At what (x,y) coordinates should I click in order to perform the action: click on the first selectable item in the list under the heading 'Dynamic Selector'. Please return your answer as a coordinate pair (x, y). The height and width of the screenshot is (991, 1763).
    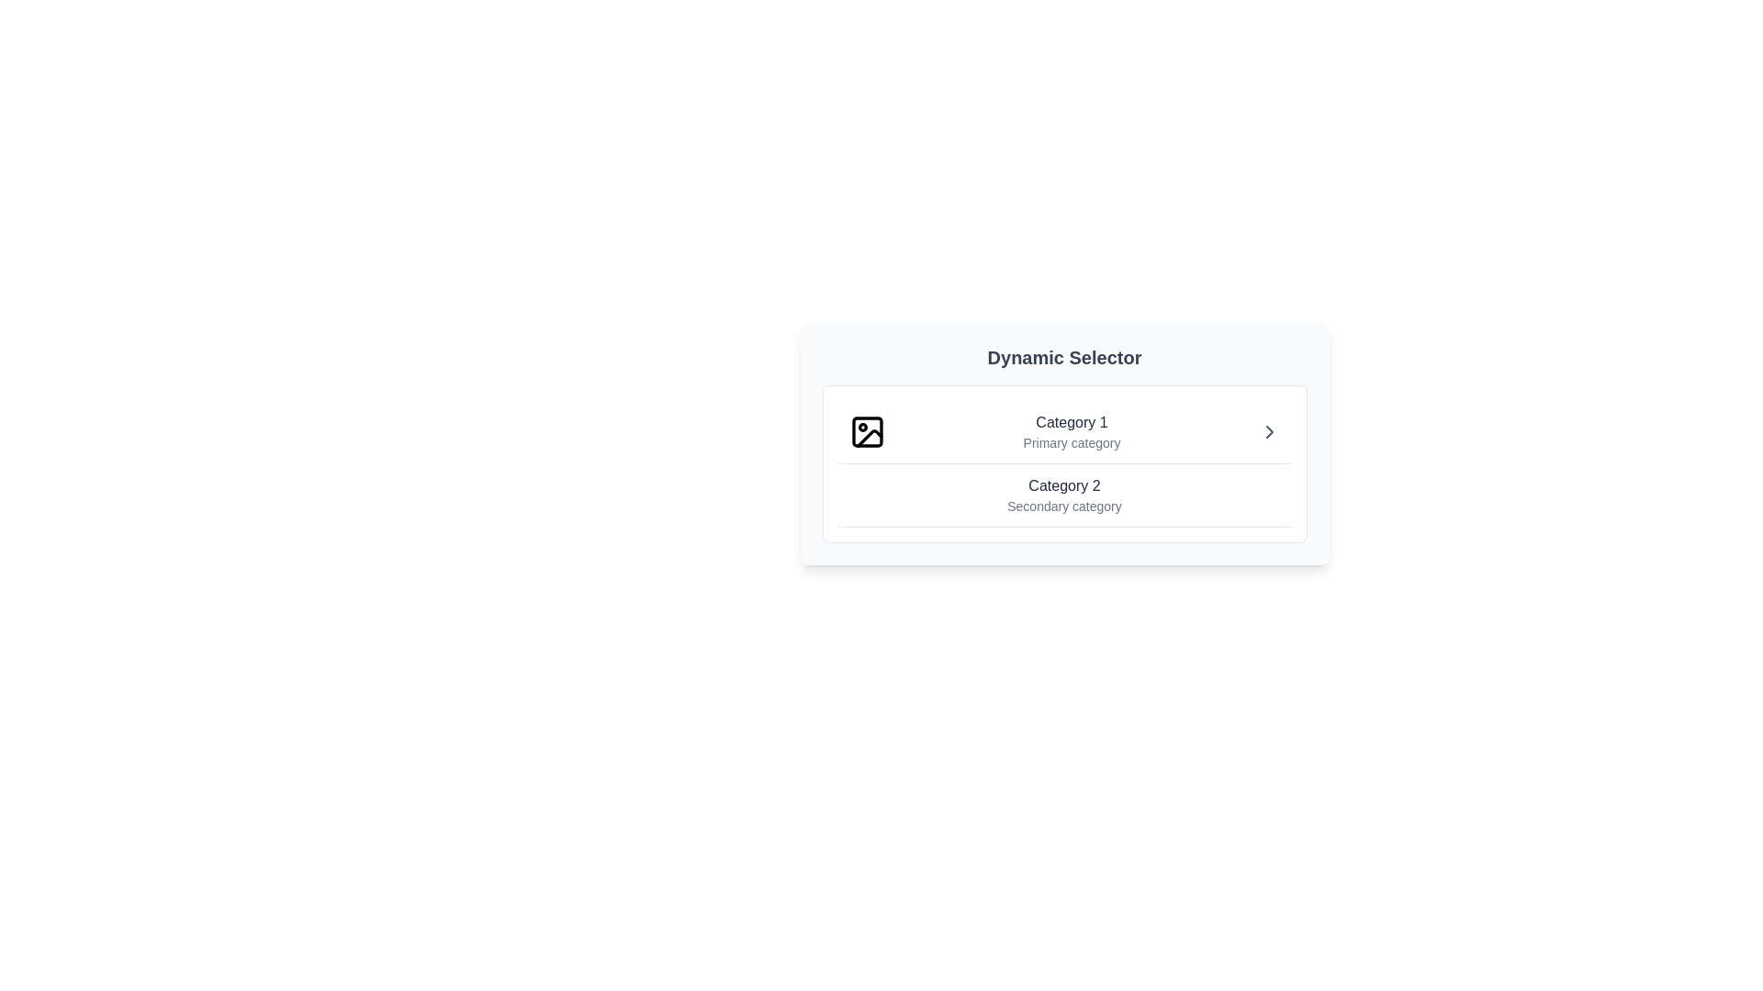
    Looking at the image, I should click on (1072, 431).